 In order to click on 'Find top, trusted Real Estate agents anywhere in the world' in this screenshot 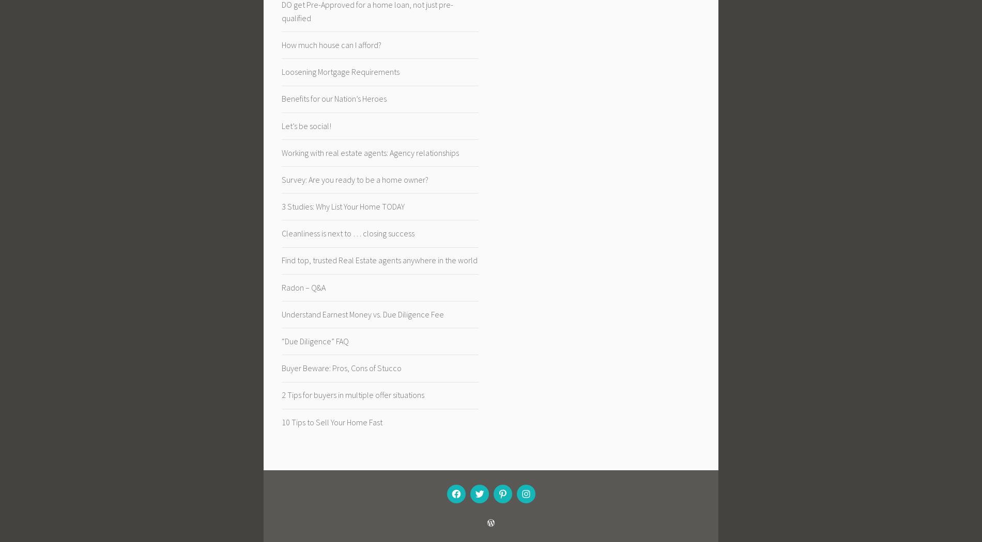, I will do `click(281, 260)`.